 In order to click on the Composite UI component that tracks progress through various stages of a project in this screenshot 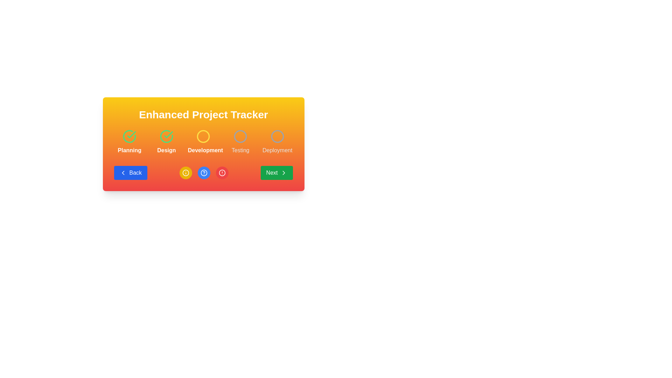, I will do `click(203, 144)`.